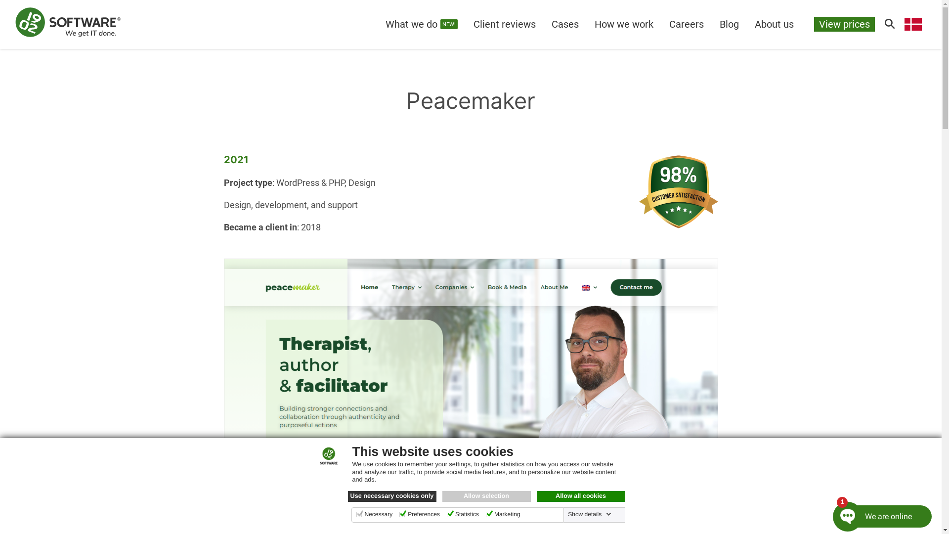 The width and height of the screenshot is (949, 534). What do you see at coordinates (422, 24) in the screenshot?
I see `'What we do` at bounding box center [422, 24].